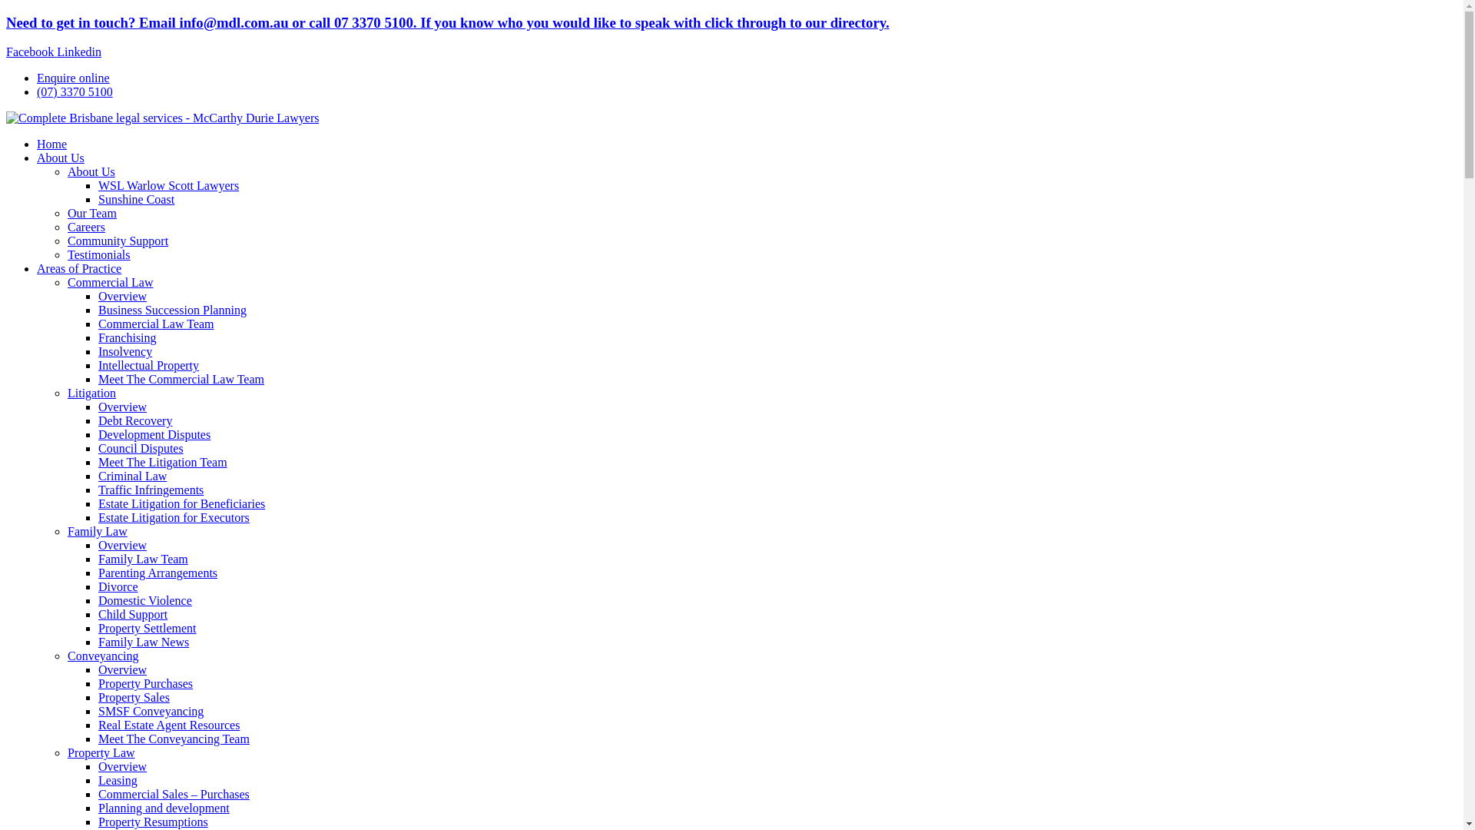  Describe the element at coordinates (151, 490) in the screenshot. I see `'Traffic Infringements'` at that location.